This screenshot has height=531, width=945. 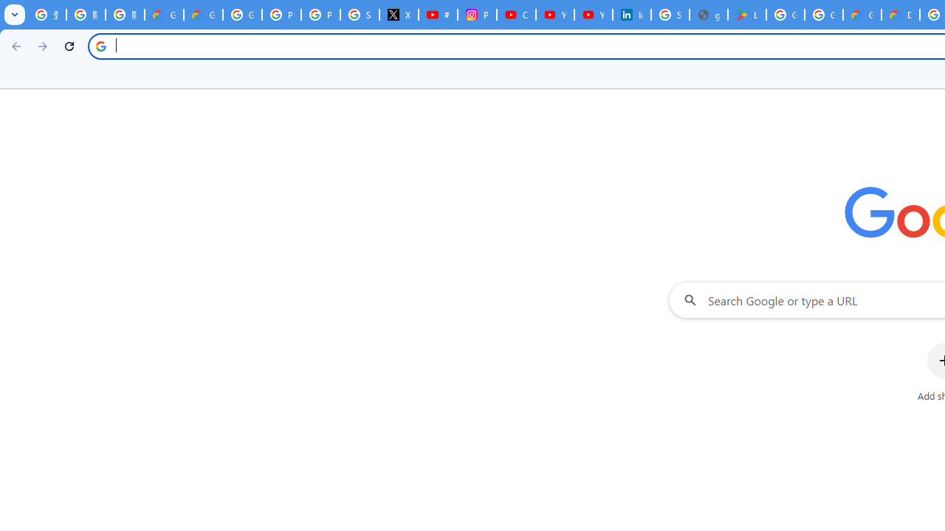 What do you see at coordinates (399, 15) in the screenshot?
I see `'X'` at bounding box center [399, 15].